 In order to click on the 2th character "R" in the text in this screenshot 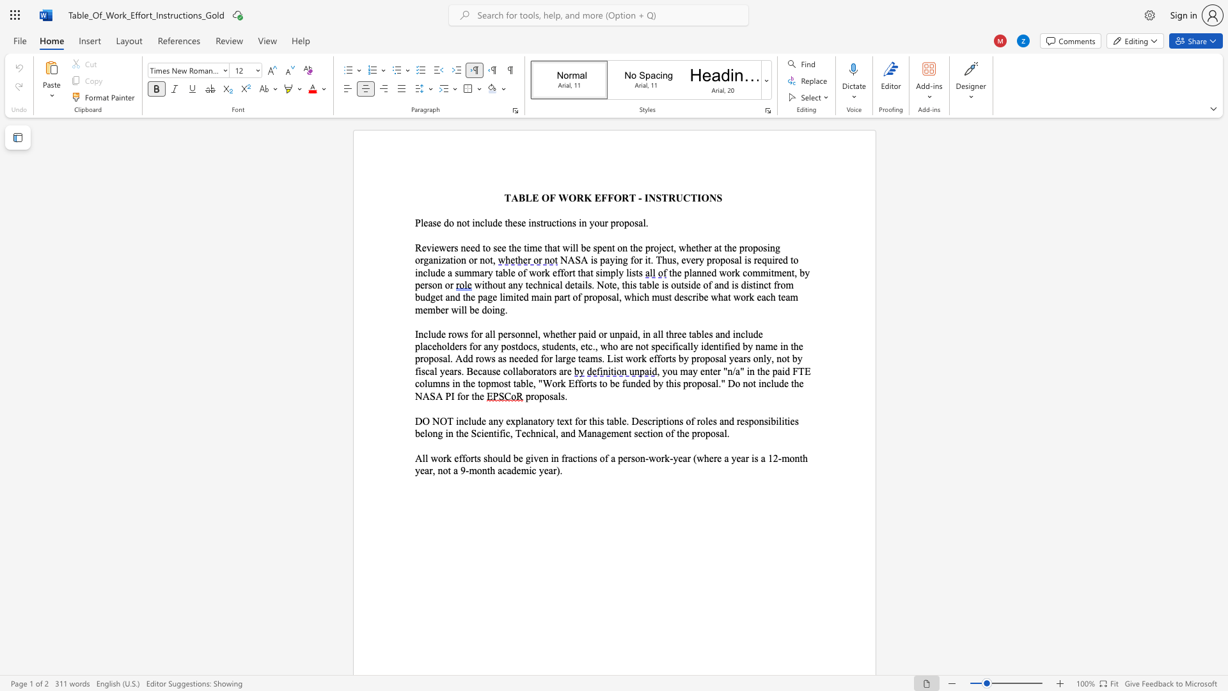, I will do `click(625, 198)`.